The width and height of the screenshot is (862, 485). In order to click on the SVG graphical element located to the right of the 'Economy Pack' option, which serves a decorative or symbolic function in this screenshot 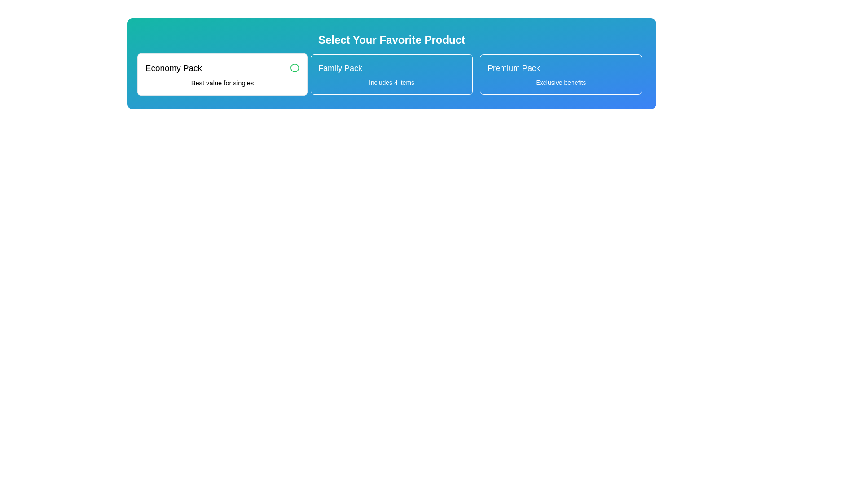, I will do `click(295, 67)`.